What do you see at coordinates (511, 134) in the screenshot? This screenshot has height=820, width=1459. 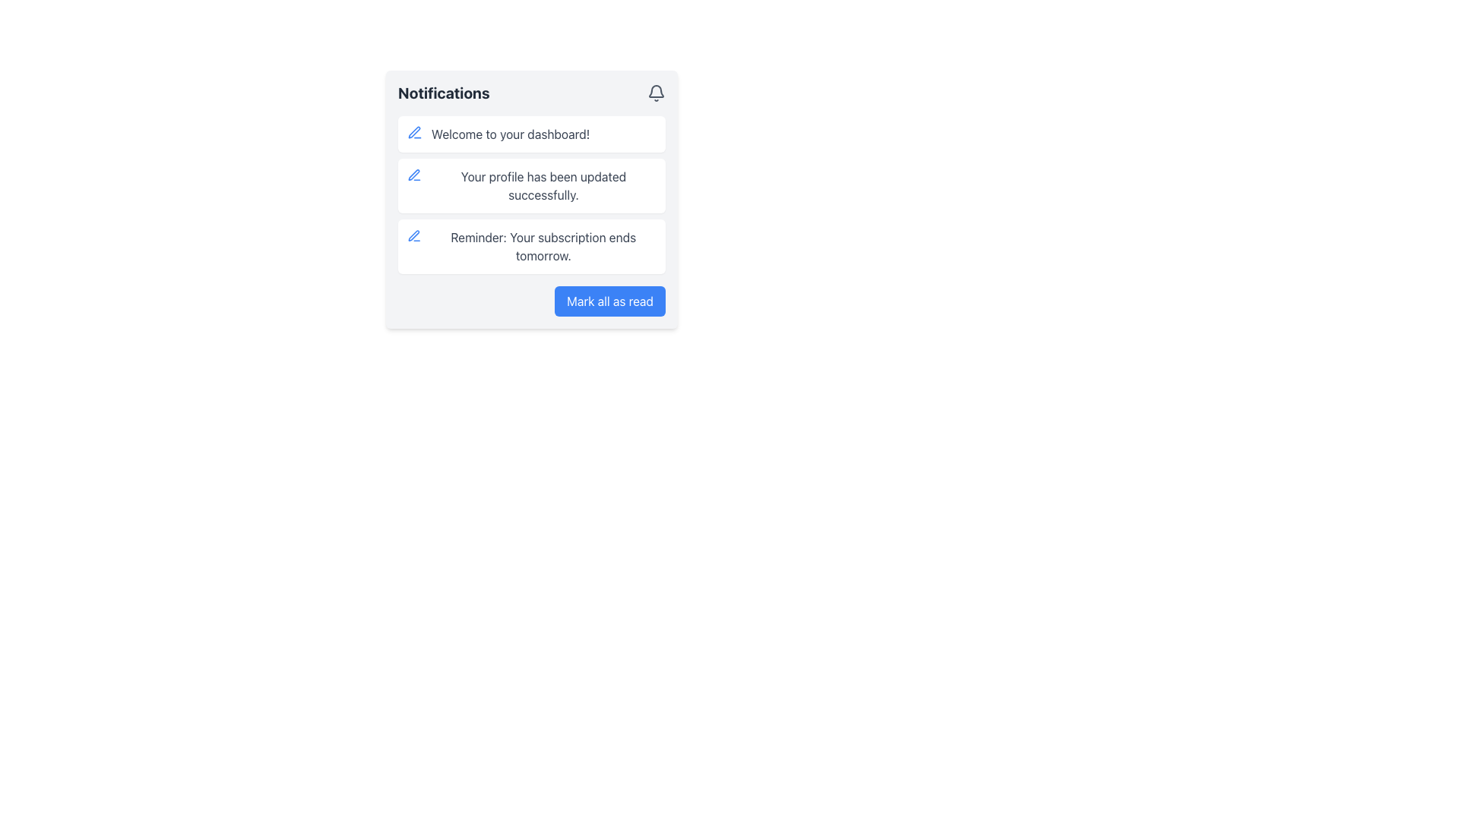 I see `the welcome message displayed in the topmost notification card in the 'Notifications' panel, located to the right of the small blue pen icon` at bounding box center [511, 134].